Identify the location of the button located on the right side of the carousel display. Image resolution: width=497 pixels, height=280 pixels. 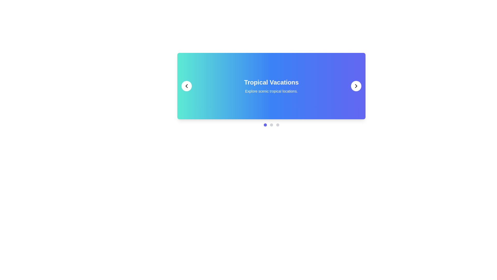
(356, 86).